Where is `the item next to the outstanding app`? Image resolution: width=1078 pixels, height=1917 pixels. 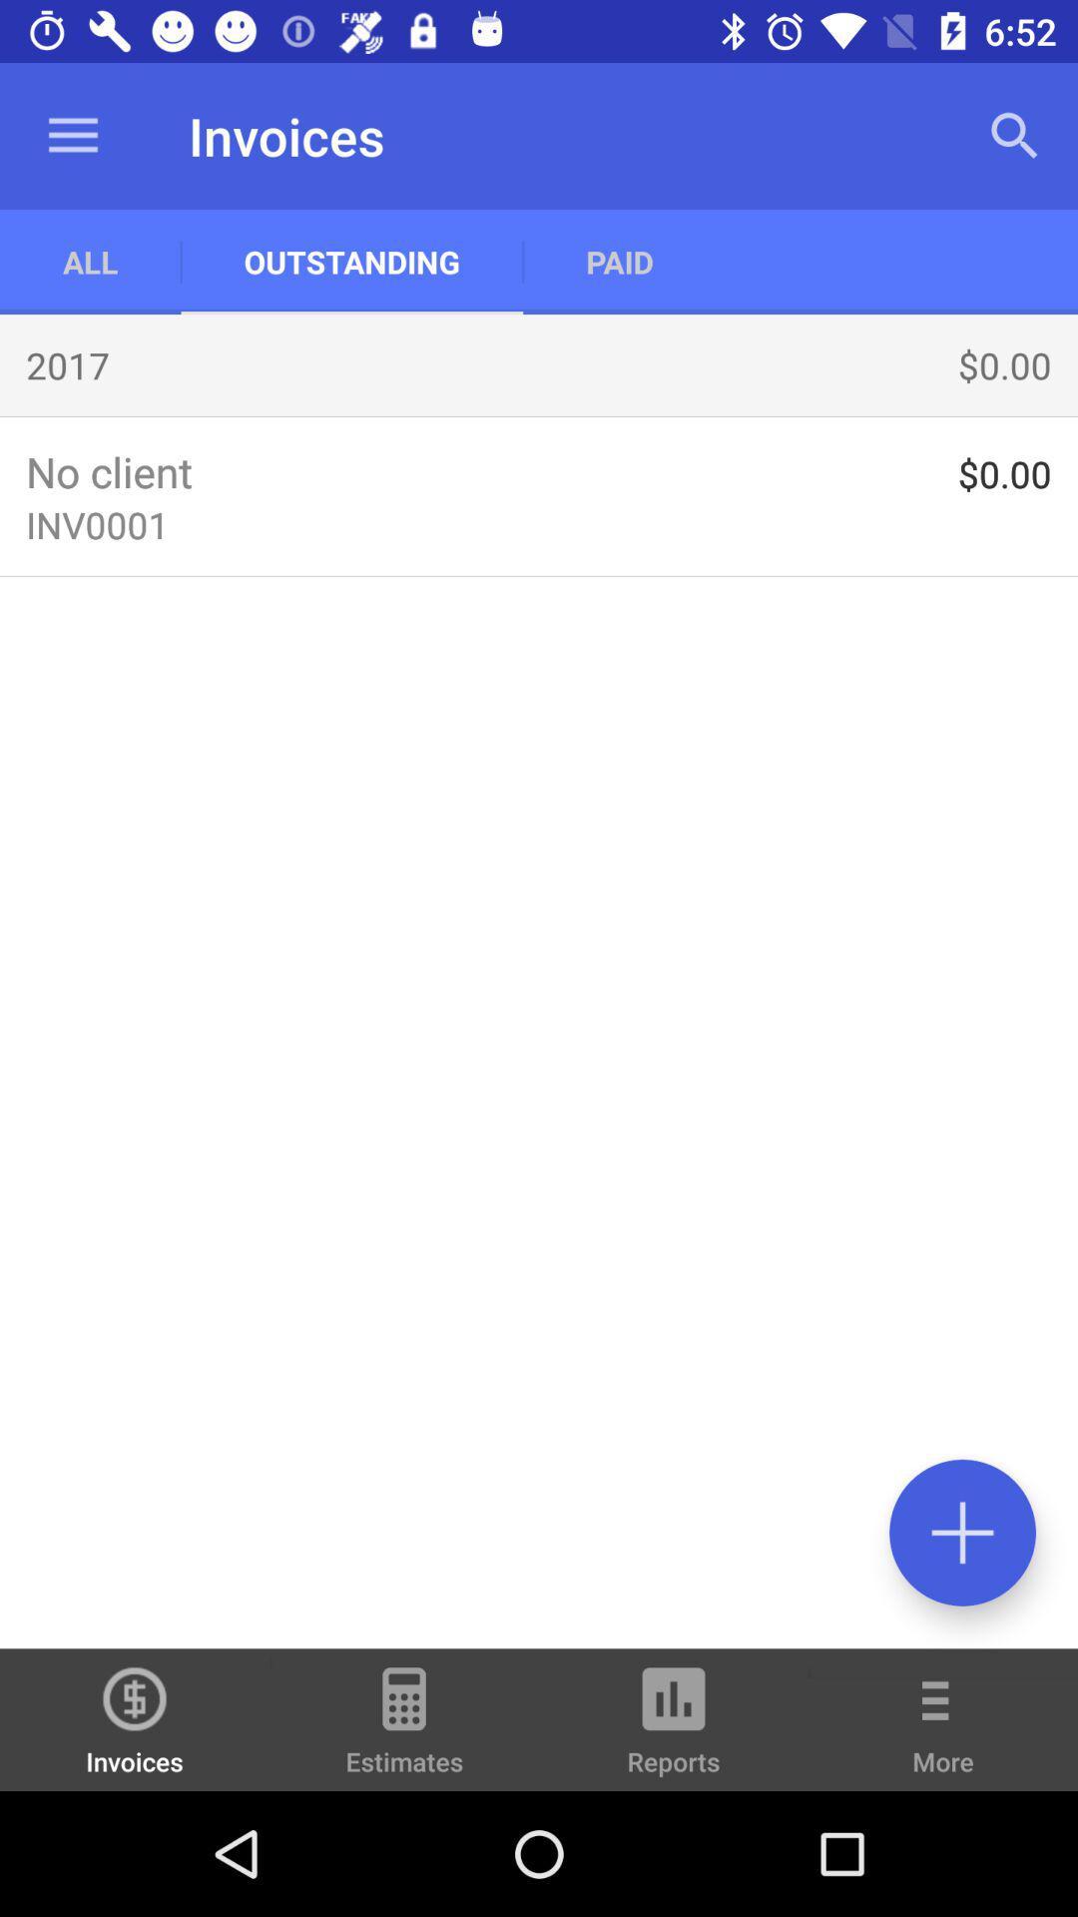 the item next to the outstanding app is located at coordinates (90, 261).